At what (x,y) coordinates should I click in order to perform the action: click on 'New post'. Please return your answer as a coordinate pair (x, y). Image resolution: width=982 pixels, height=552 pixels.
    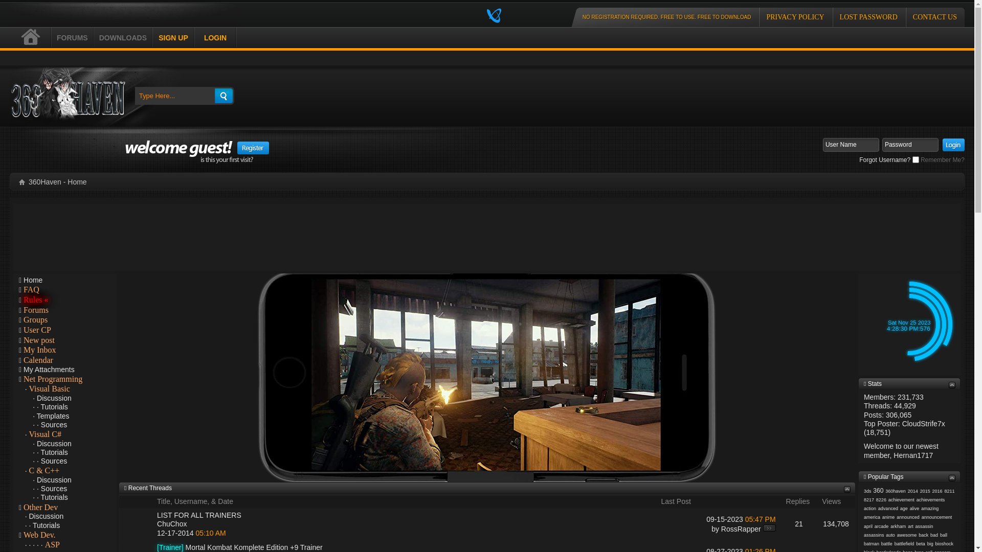
    Looking at the image, I should click on (39, 340).